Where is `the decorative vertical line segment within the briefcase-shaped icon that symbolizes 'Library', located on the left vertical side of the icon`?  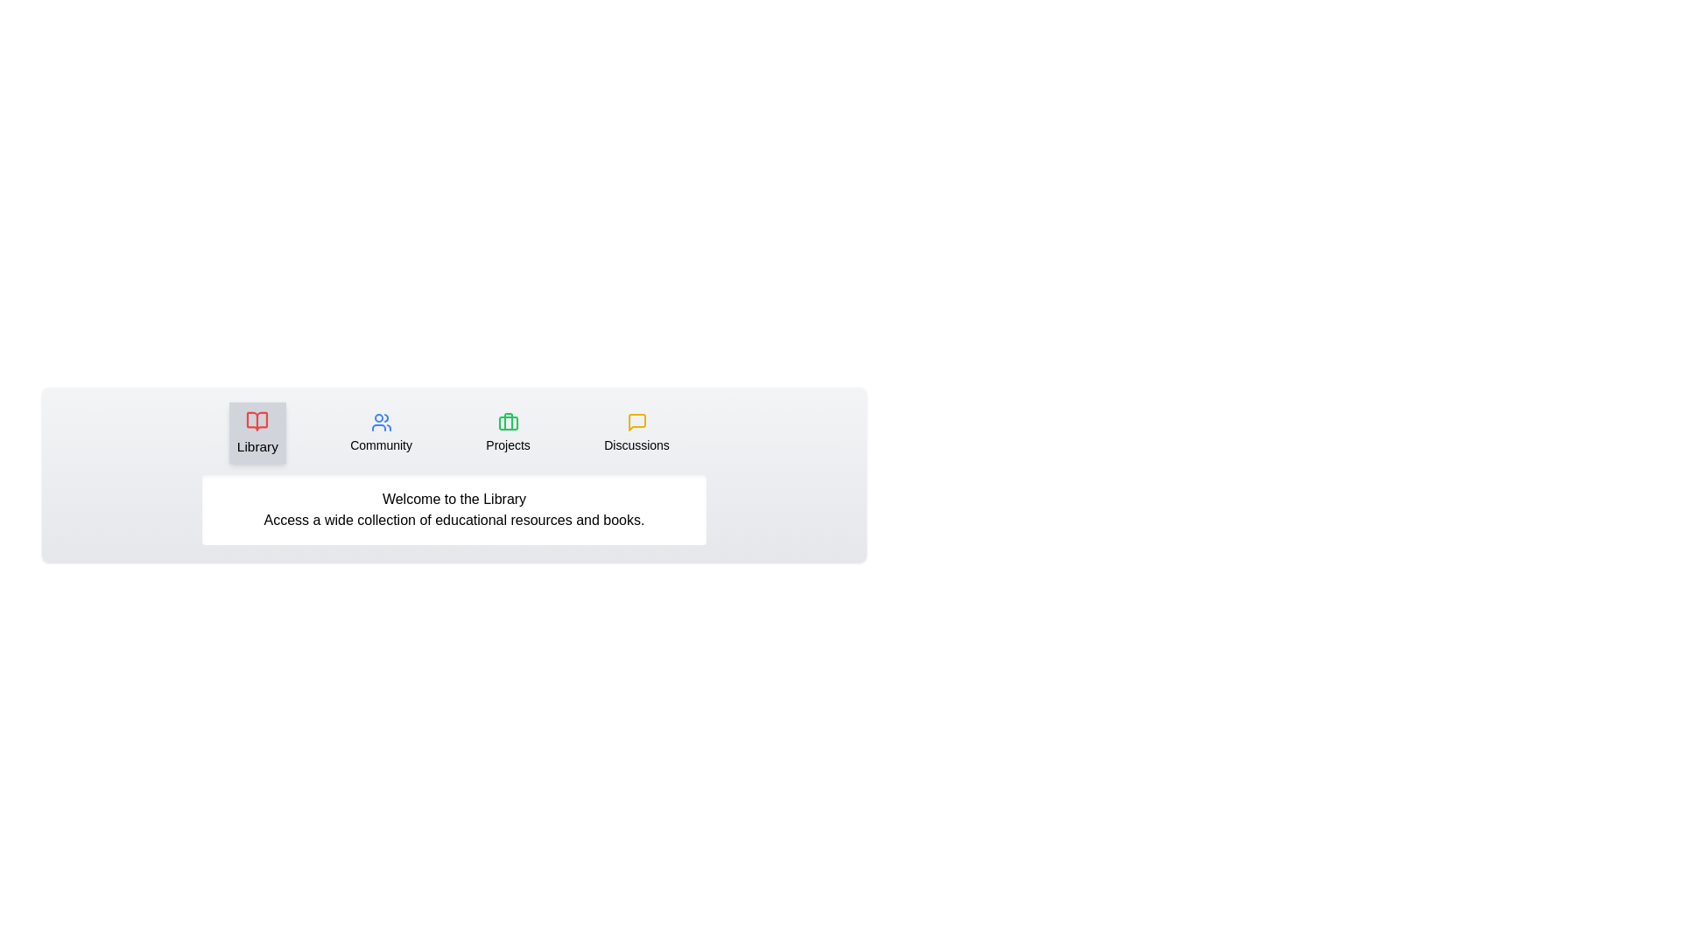 the decorative vertical line segment within the briefcase-shaped icon that symbolizes 'Library', located on the left vertical side of the icon is located at coordinates (507, 422).